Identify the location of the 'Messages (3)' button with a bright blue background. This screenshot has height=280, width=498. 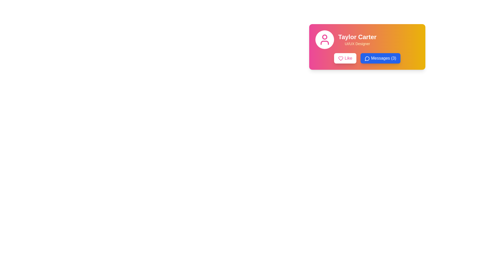
(380, 58).